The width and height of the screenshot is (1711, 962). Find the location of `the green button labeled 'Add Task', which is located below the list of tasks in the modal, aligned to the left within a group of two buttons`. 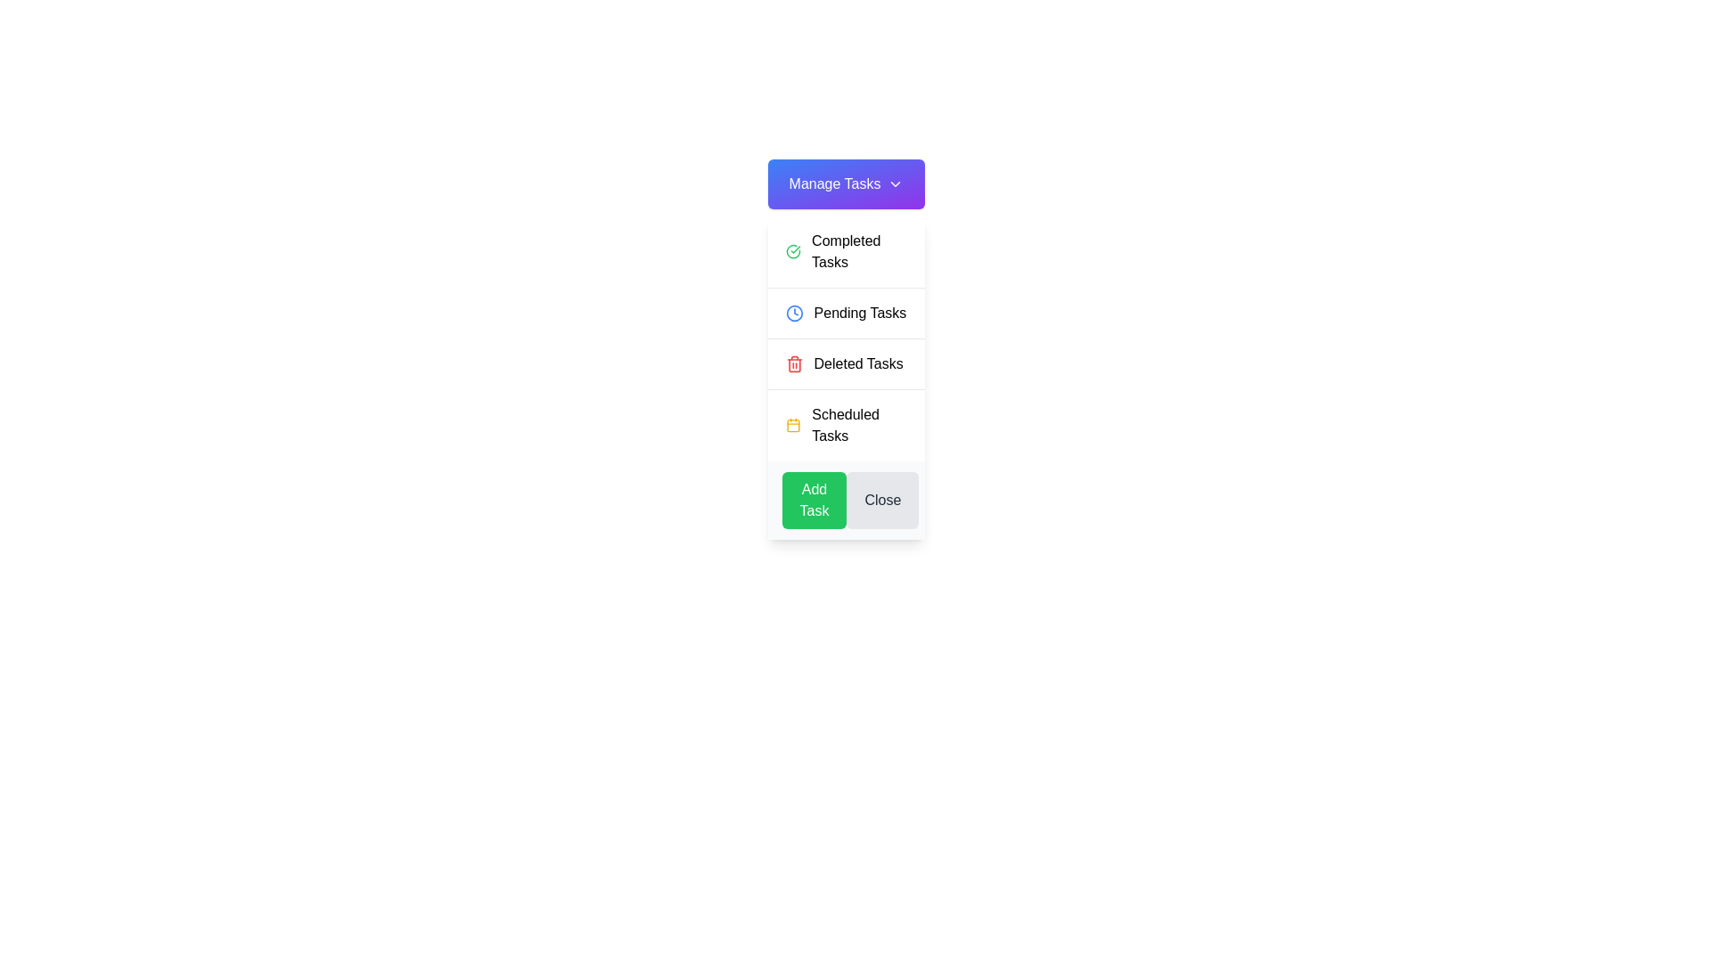

the green button labeled 'Add Task', which is located below the list of tasks in the modal, aligned to the left within a group of two buttons is located at coordinates (814, 501).